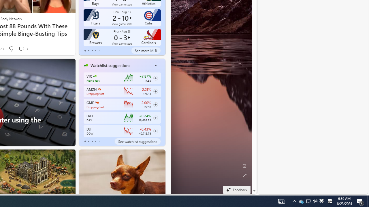 The width and height of the screenshot is (369, 207). I want to click on 'tab-1', so click(88, 141).